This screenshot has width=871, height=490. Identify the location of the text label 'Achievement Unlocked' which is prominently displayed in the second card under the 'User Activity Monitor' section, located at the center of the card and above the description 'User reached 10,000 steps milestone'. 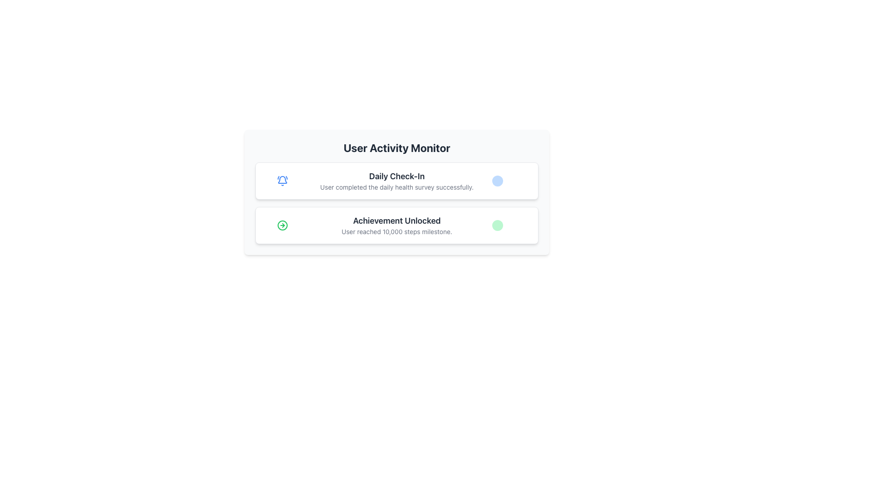
(396, 220).